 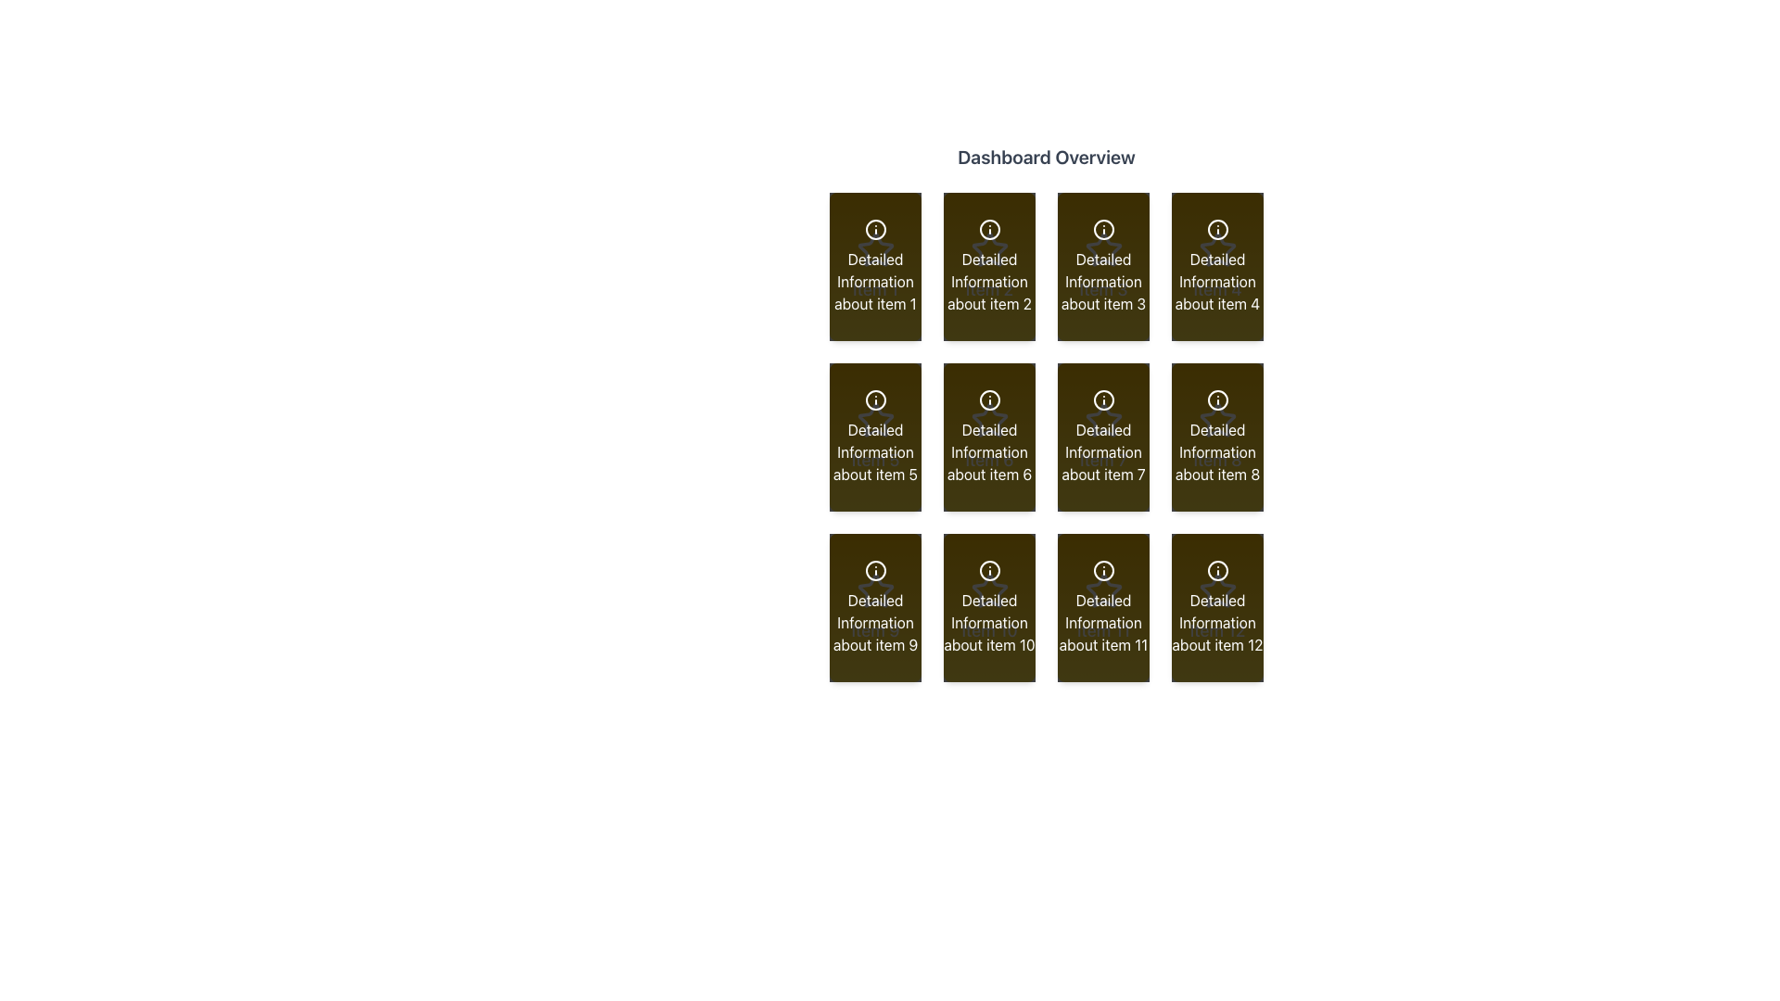 What do you see at coordinates (874, 590) in the screenshot?
I see `the star-shaped SVG graphic icon with a hollow outline styled in white, located above the text area on a dark brown background in the ninth item of a 3x4 grid layout, labeled 'Detailed Information about item 9'` at bounding box center [874, 590].